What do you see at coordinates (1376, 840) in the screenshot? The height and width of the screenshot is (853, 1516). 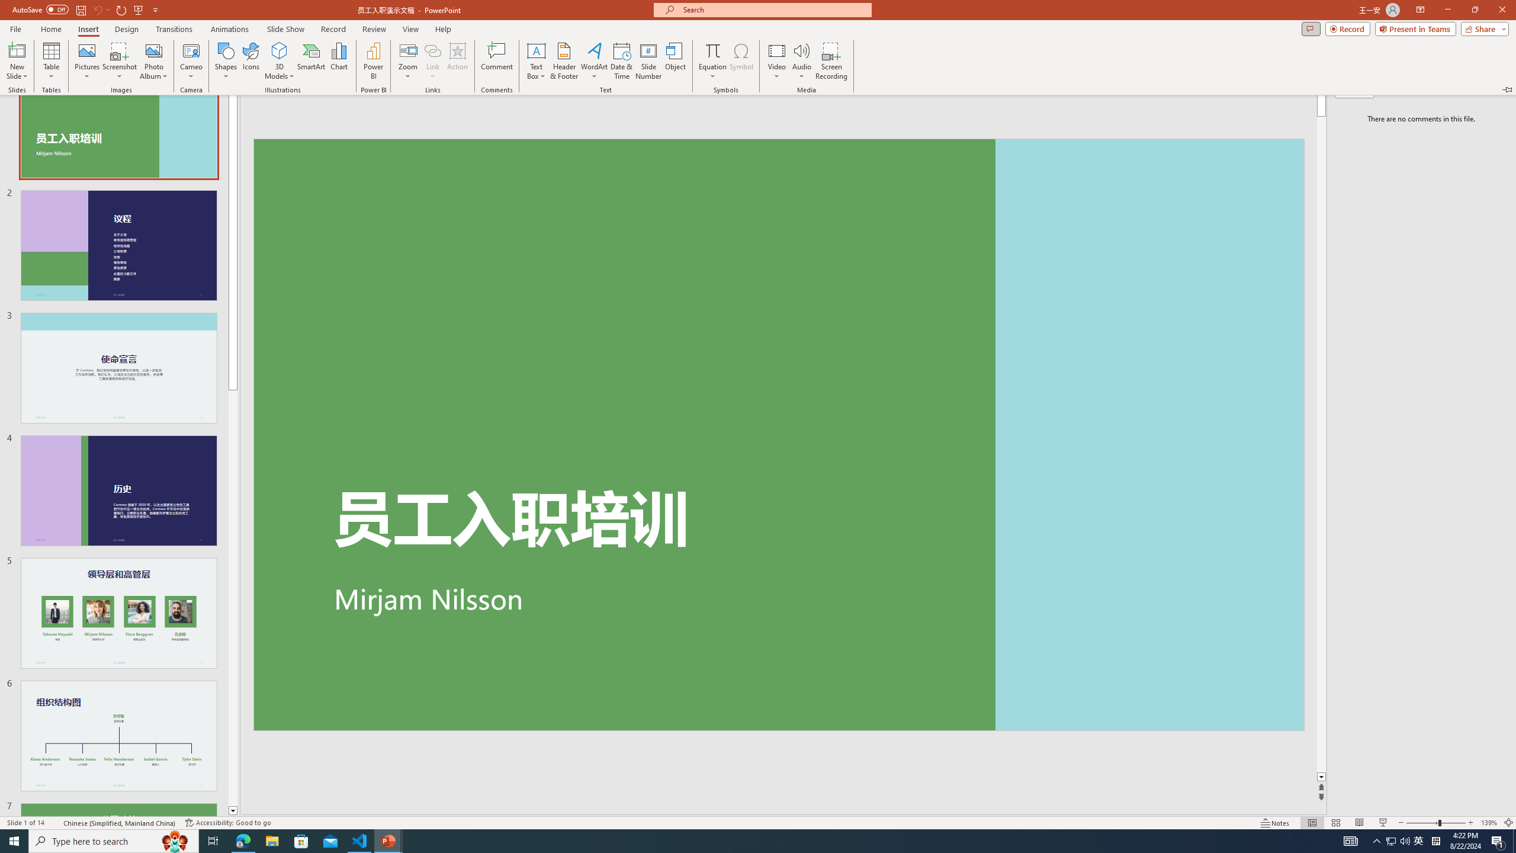 I see `'Notification Chevron'` at bounding box center [1376, 840].